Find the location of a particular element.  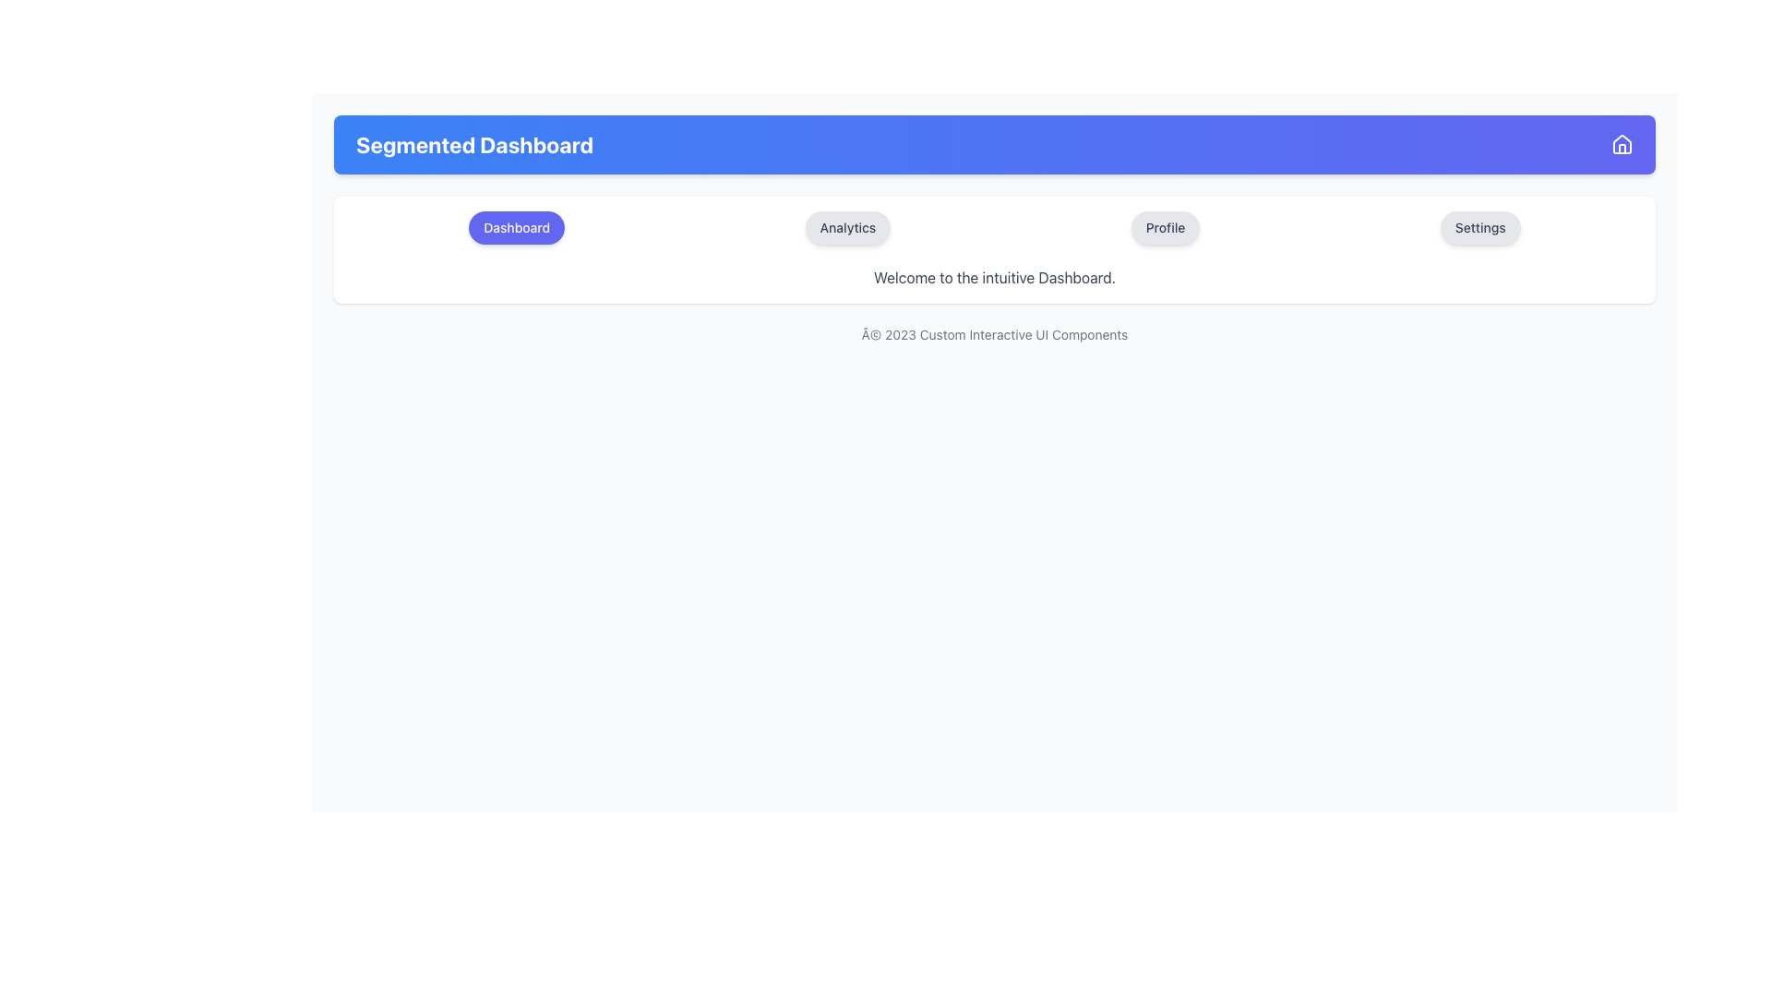

the static text label displaying '© 2023 Custom Interactive UI Components', which is centered at the bottom of the section with a smaller gray font is located at coordinates (994, 334).